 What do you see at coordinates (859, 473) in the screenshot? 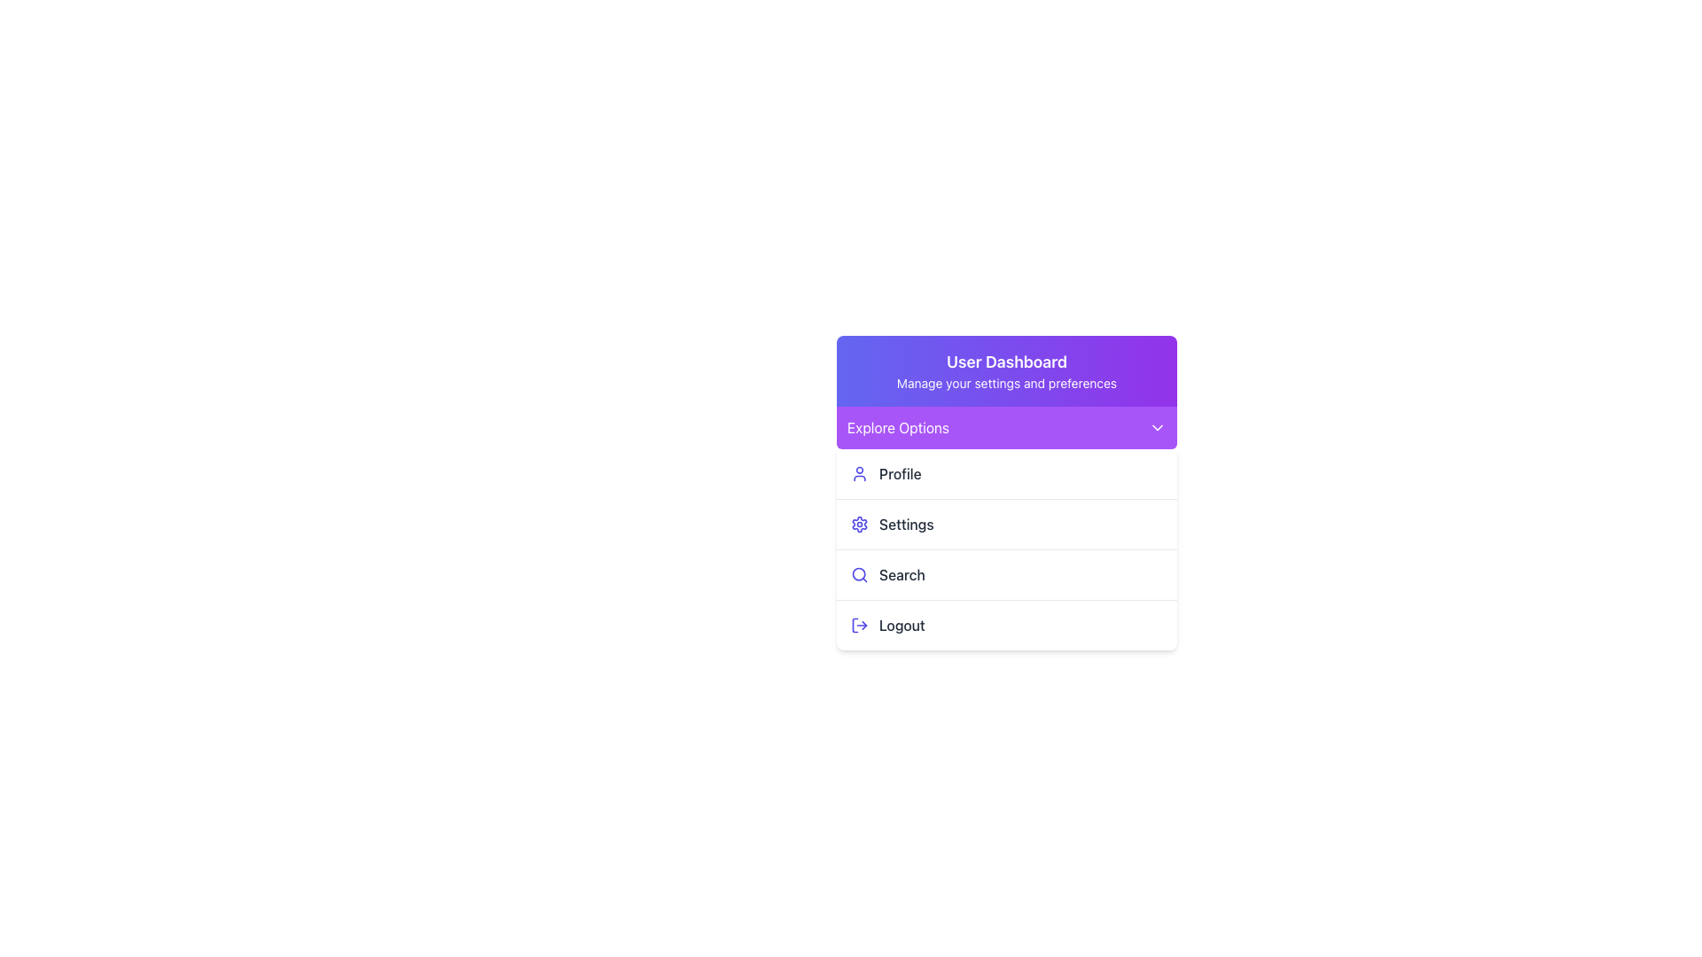
I see `the Profile icon in the vertical navigation menu that is located to the left of the text 'Profile'` at bounding box center [859, 473].